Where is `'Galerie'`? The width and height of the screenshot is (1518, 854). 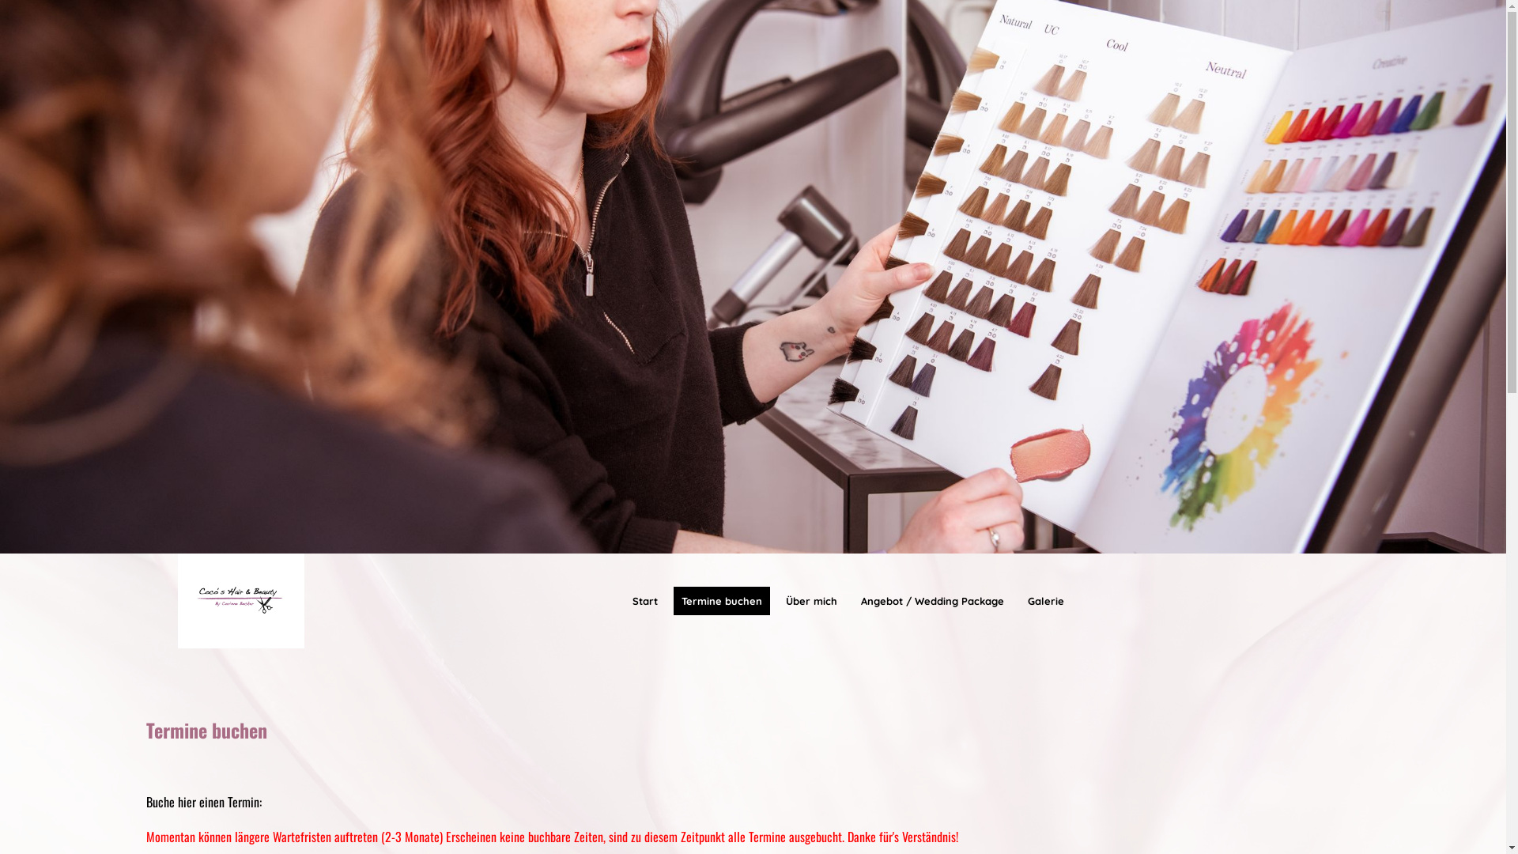 'Galerie' is located at coordinates (1046, 600).